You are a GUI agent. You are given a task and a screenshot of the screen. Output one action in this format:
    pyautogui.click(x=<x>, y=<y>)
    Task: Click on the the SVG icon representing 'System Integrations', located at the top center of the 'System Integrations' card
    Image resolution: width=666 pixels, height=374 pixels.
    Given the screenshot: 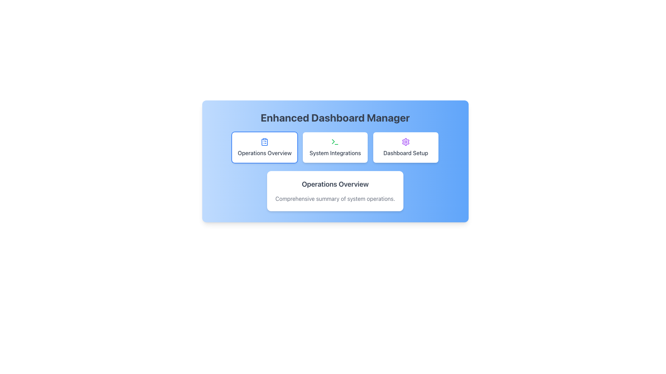 What is the action you would take?
    pyautogui.click(x=335, y=141)
    